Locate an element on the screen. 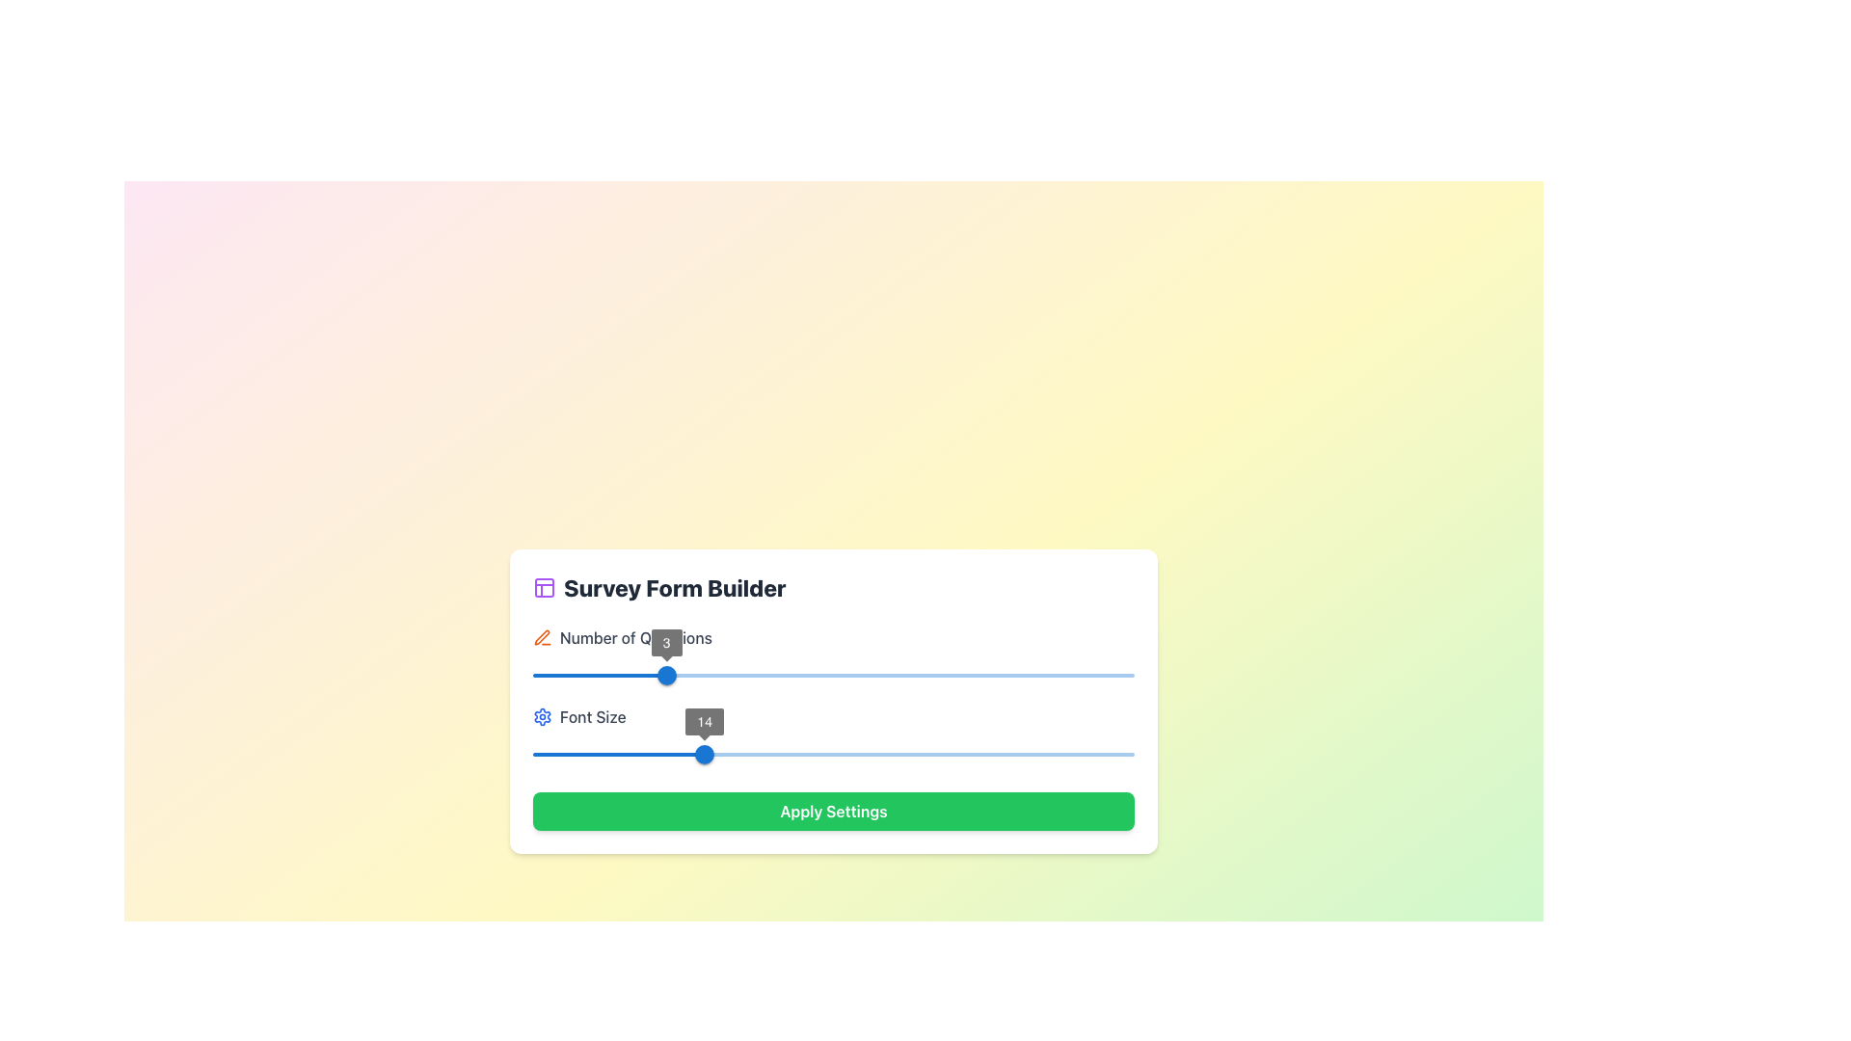 This screenshot has height=1041, width=1851. the numeric display label showing the number '3' positioned above the 'Number of Questions' slider, which appears as a circular tooltip aligned with the slider handle is located at coordinates (666, 643).